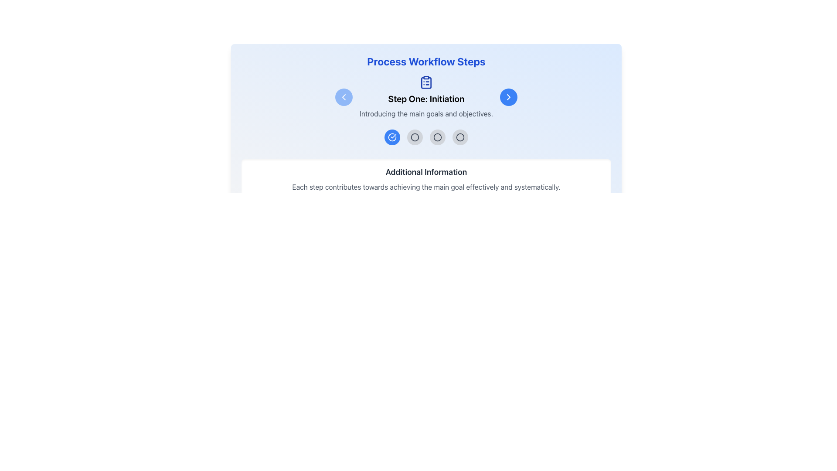  I want to click on the chevron-shaped icon within the blue circular button located in the right-central region of the 'Process Workflow Steps' section, adjacent to the text 'Step One: Initiation', so click(508, 97).